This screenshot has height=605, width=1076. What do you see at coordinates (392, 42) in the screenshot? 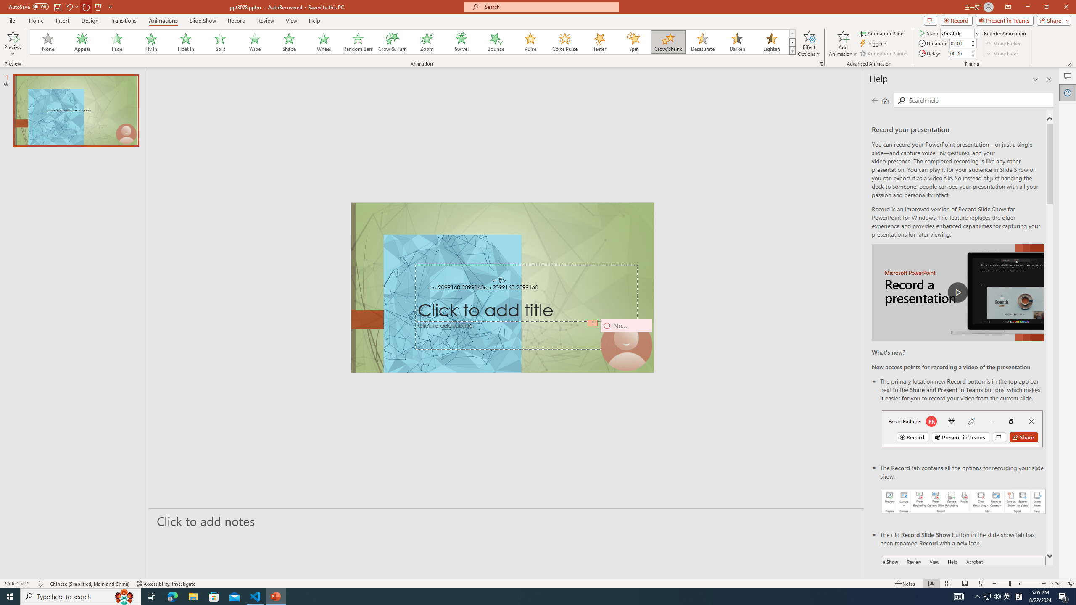
I see `'Grow & Turn'` at bounding box center [392, 42].